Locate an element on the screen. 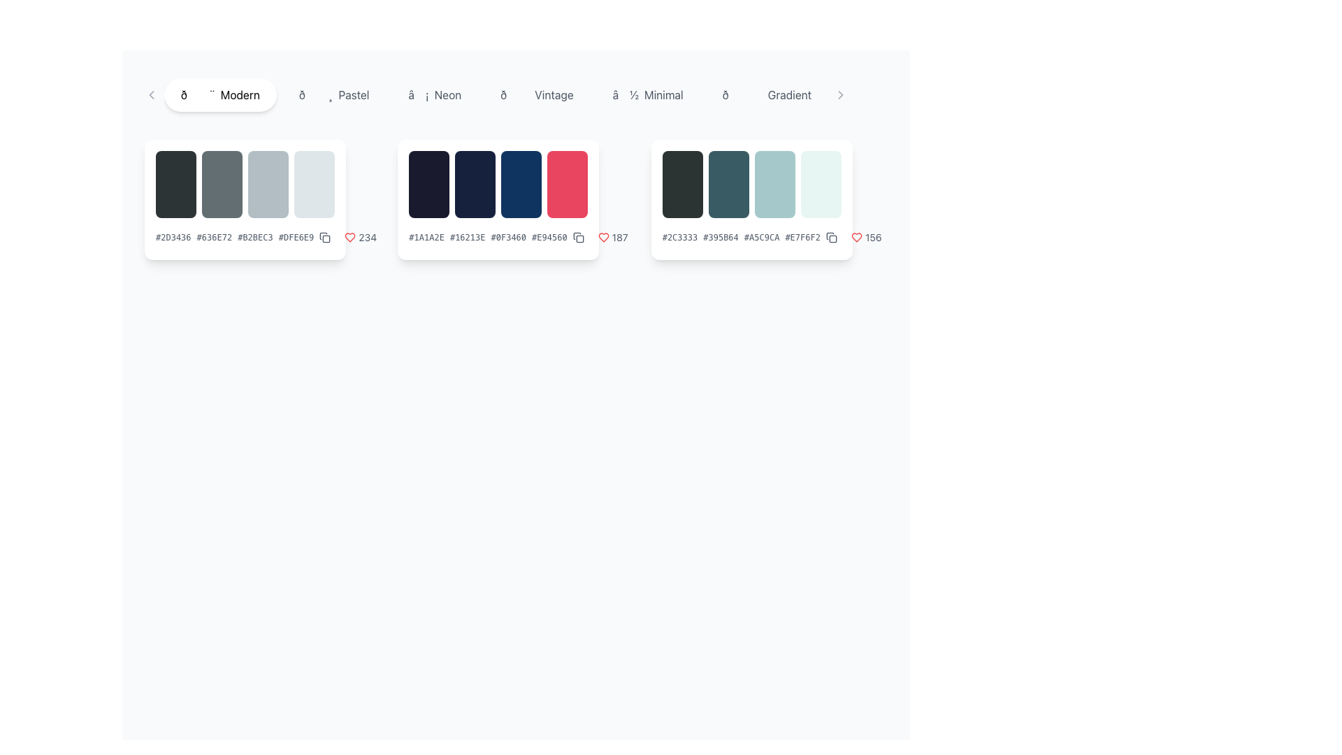 The height and width of the screenshot is (755, 1342). the 'Minimal' button, which is the sixth button in the horizontal menu is located at coordinates (647, 94).